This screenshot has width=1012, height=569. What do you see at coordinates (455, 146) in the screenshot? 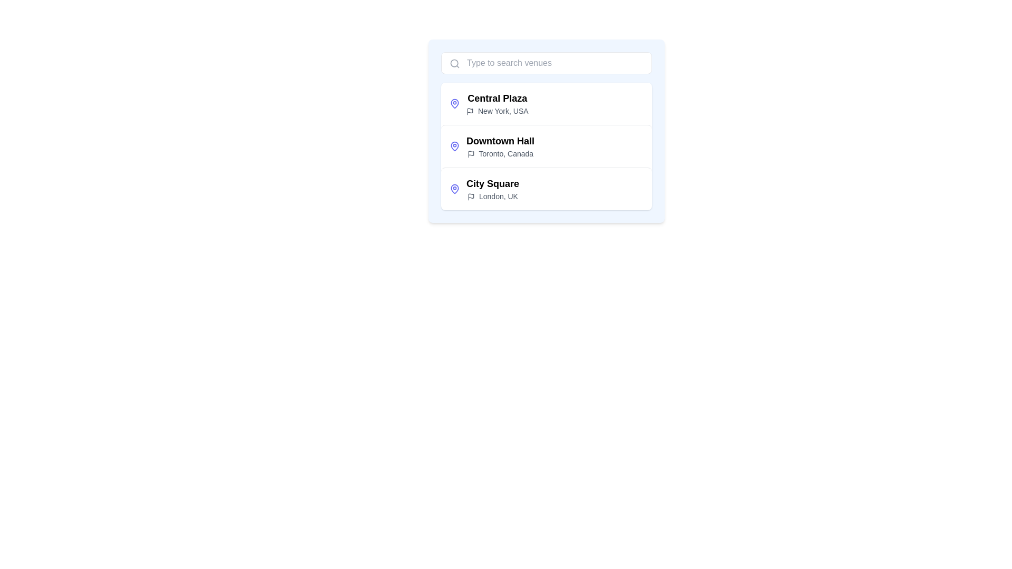
I see `the small, circular map pin icon with a white outline and blue fill located to the left of 'Downtown Hall'` at bounding box center [455, 146].